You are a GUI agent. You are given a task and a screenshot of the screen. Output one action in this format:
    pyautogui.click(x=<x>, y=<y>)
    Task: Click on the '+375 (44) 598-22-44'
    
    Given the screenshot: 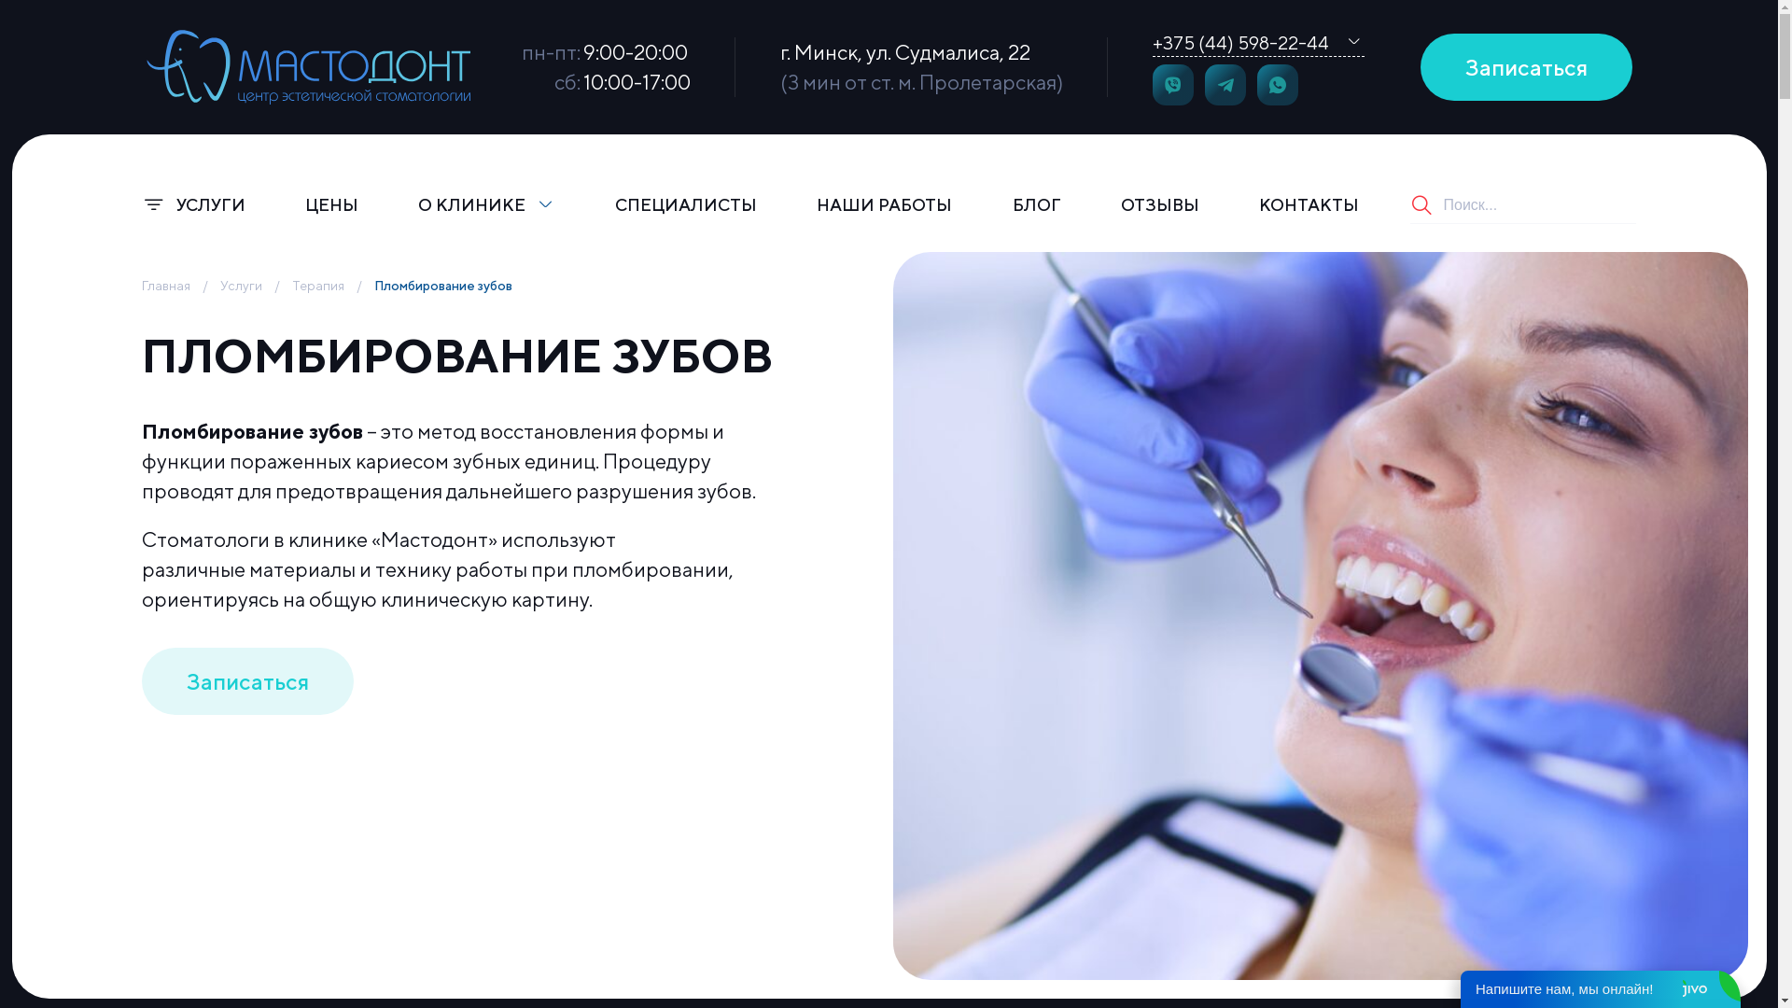 What is the action you would take?
    pyautogui.click(x=1239, y=42)
    